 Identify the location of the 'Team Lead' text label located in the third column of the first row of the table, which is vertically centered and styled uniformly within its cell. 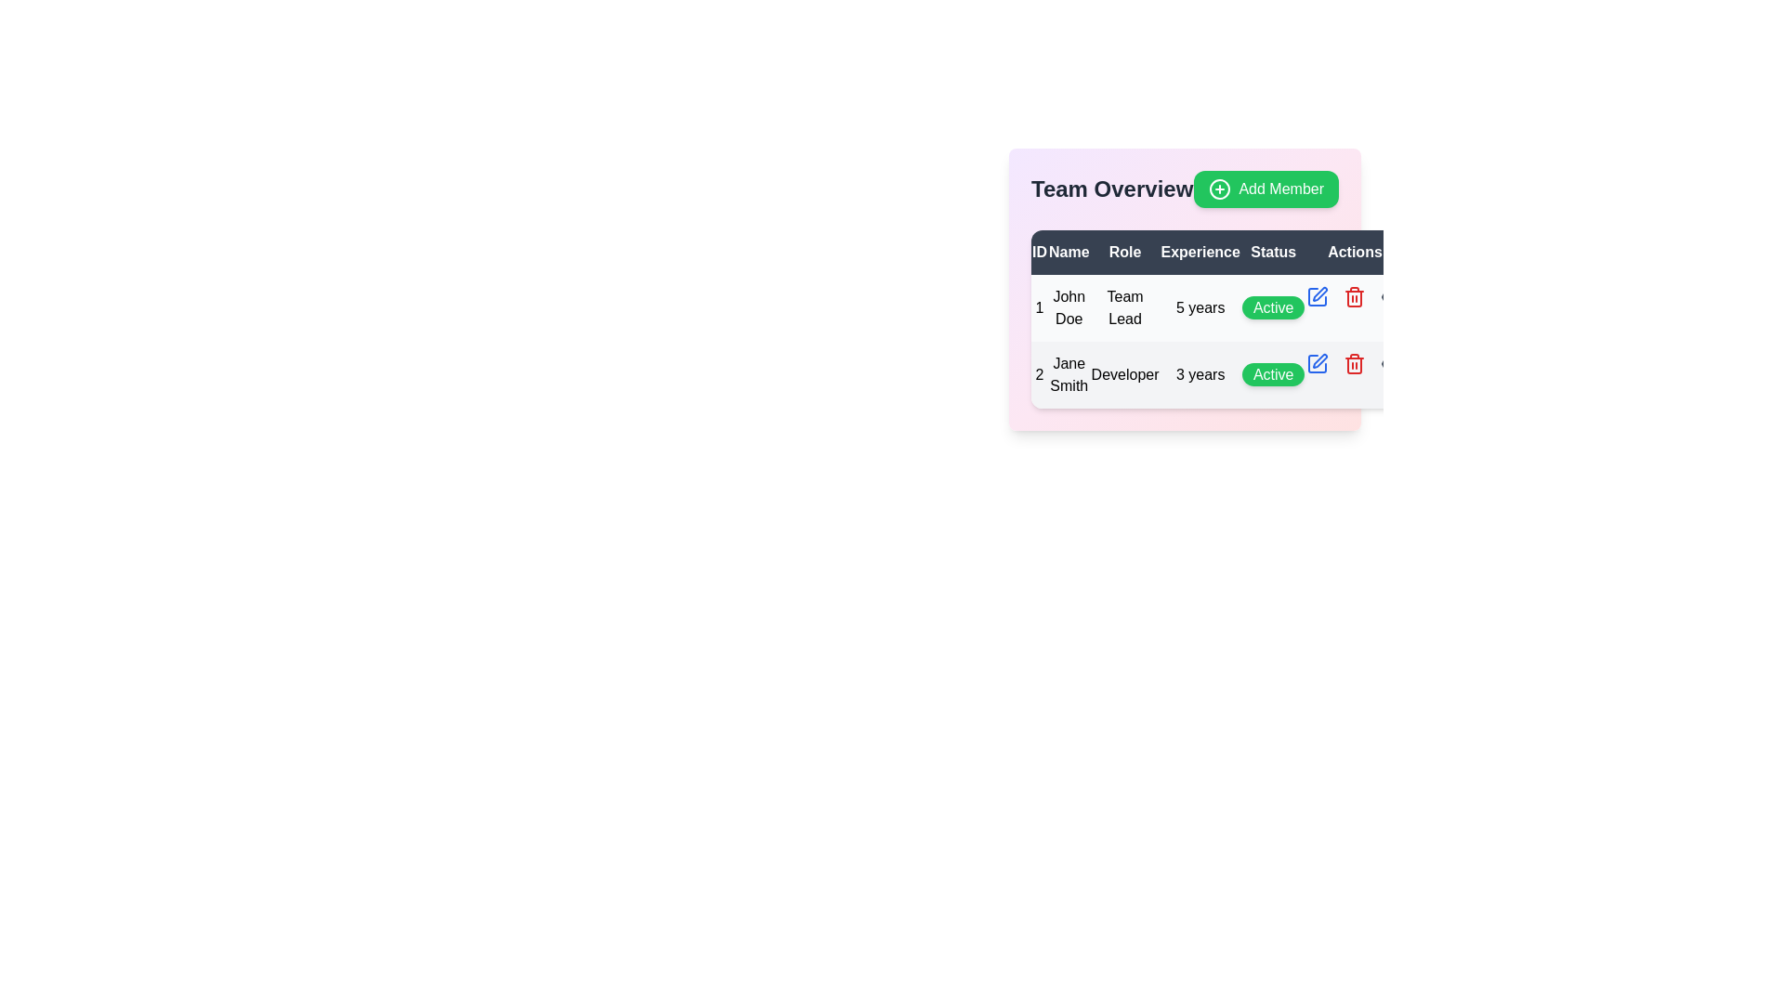
(1124, 306).